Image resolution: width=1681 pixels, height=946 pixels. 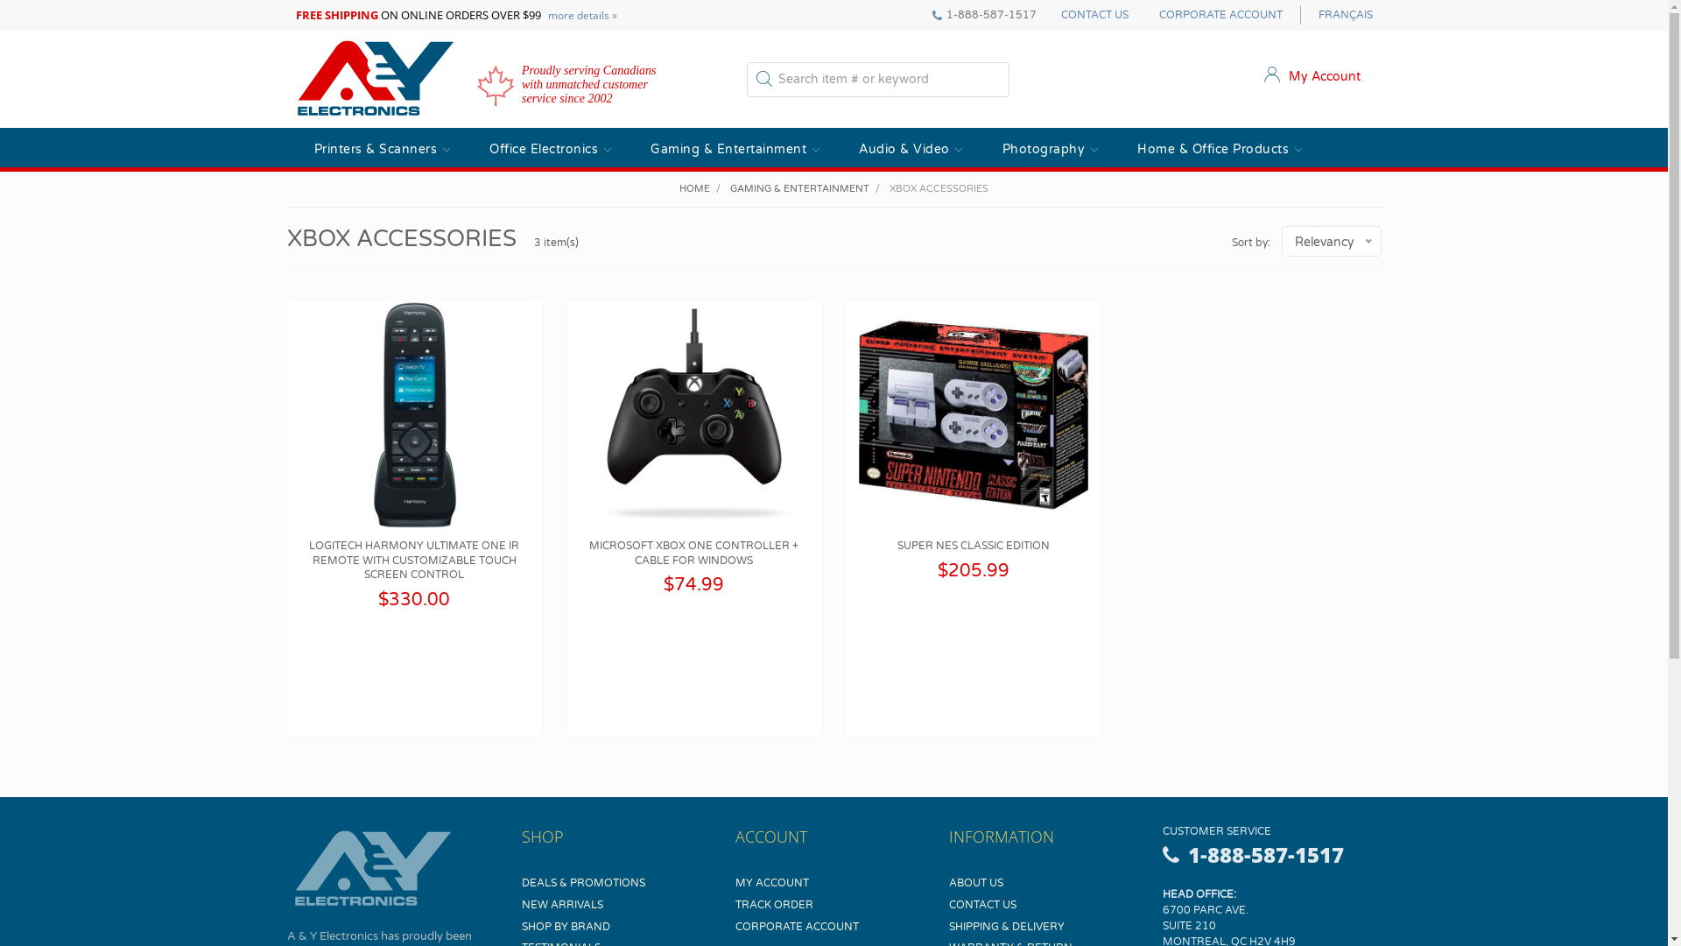 I want to click on 'MY ACCOUNT', so click(x=771, y=882).